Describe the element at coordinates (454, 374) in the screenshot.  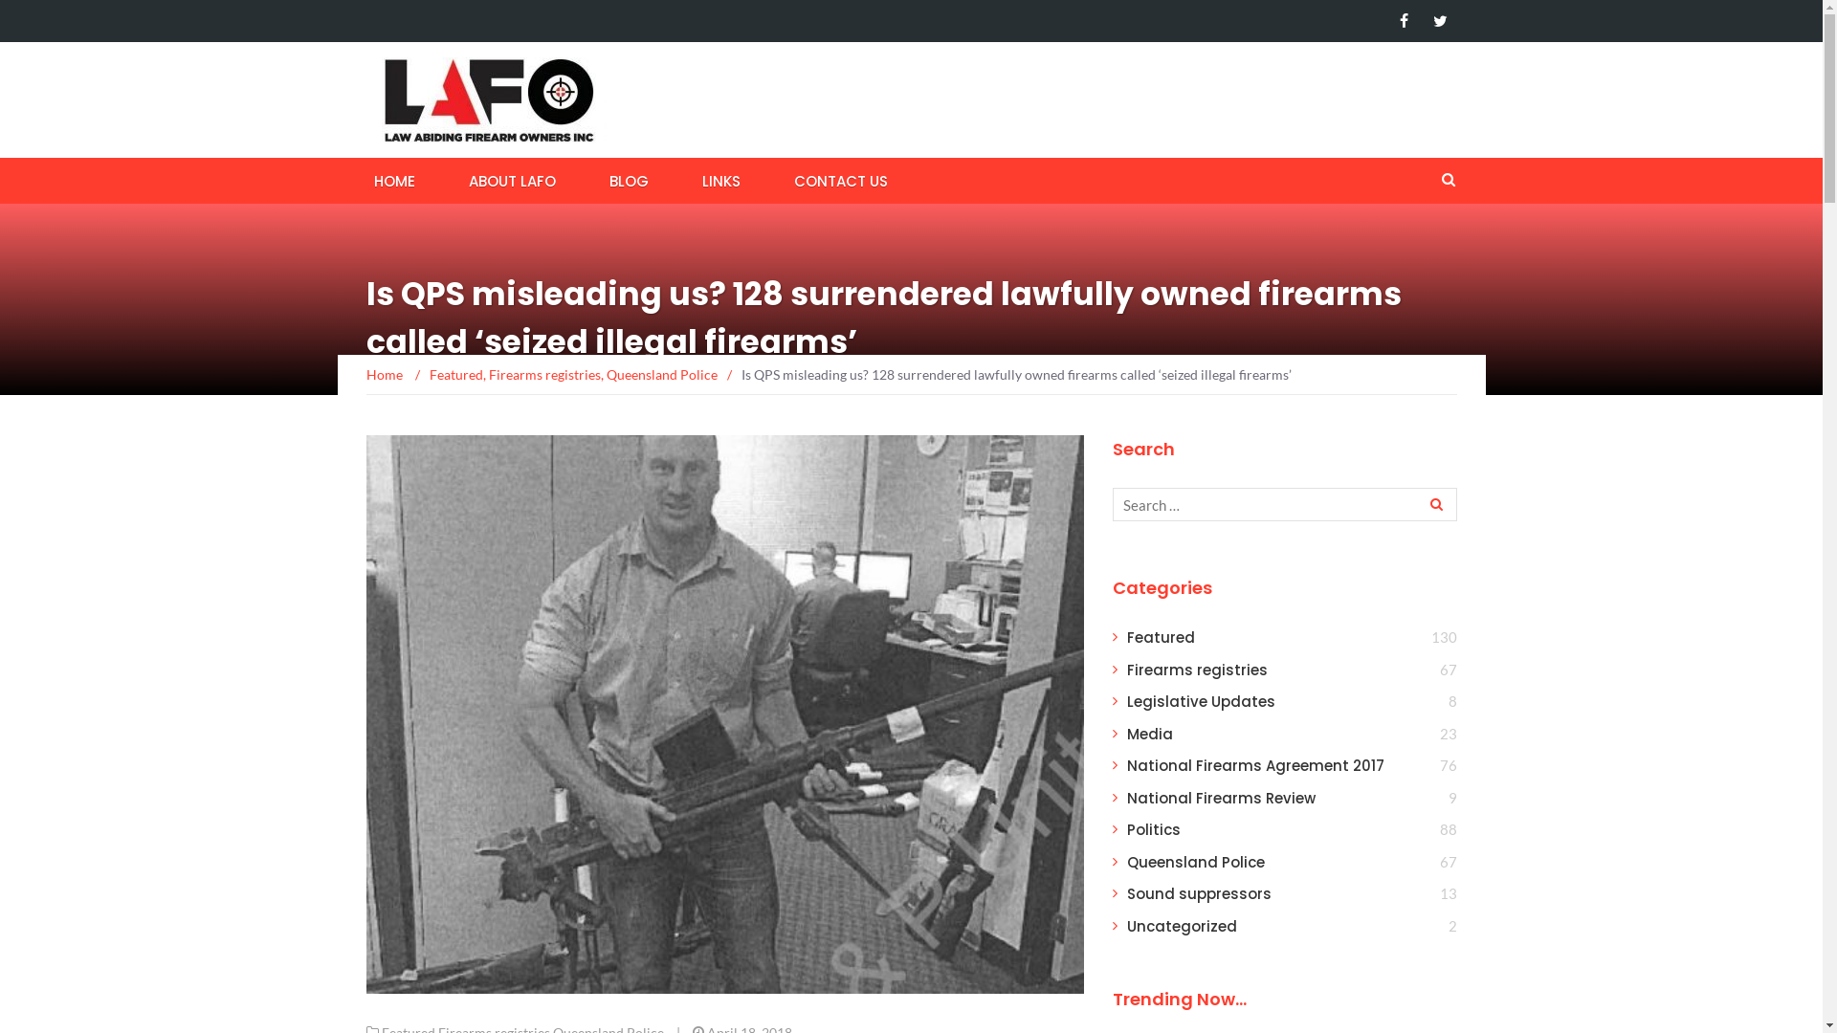
I see `'Featured'` at that location.